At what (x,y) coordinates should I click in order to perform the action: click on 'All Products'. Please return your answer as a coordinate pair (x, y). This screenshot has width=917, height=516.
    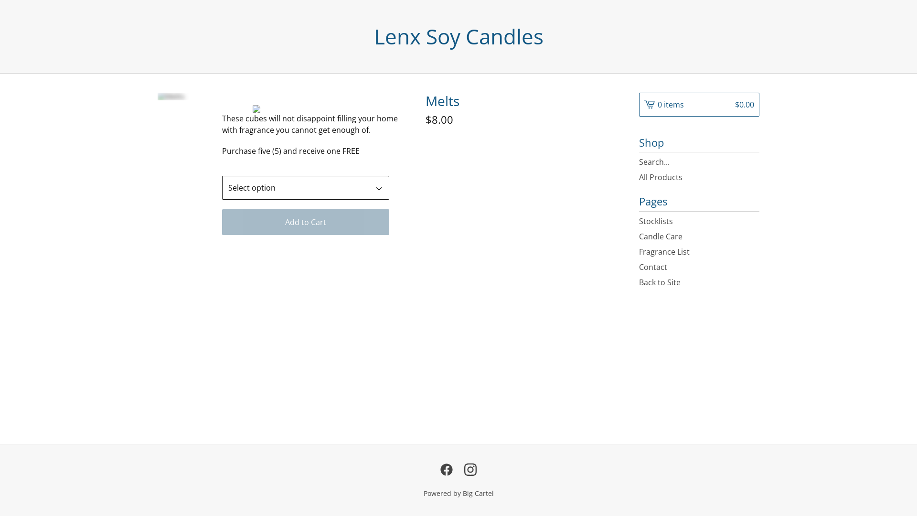
    Looking at the image, I should click on (639, 177).